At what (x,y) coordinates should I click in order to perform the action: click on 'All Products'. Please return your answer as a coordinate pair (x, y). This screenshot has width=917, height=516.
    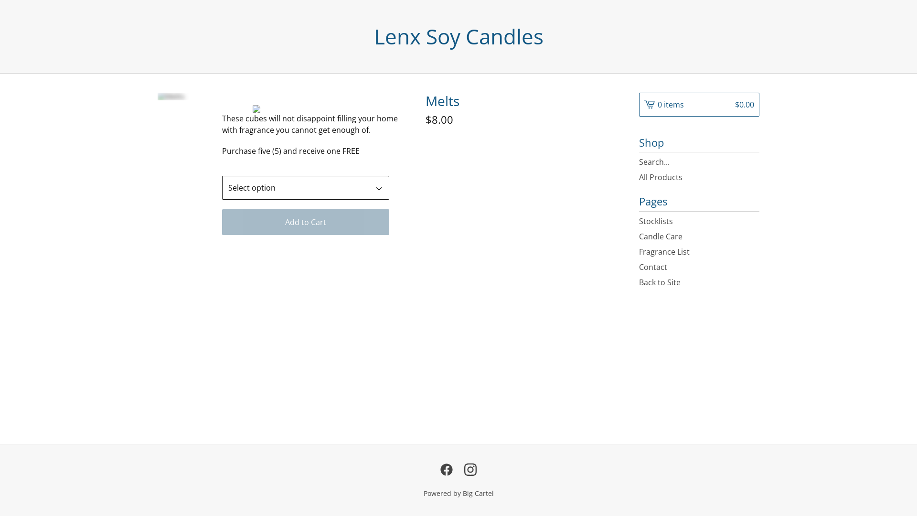
    Looking at the image, I should click on (639, 177).